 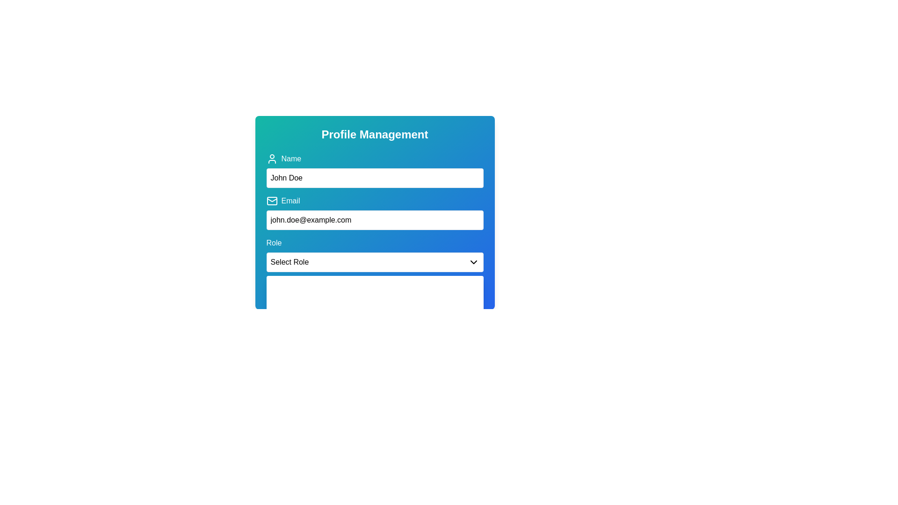 I want to click on the 'Select Role' dropdown menu to enable keyboard input, so click(x=375, y=262).